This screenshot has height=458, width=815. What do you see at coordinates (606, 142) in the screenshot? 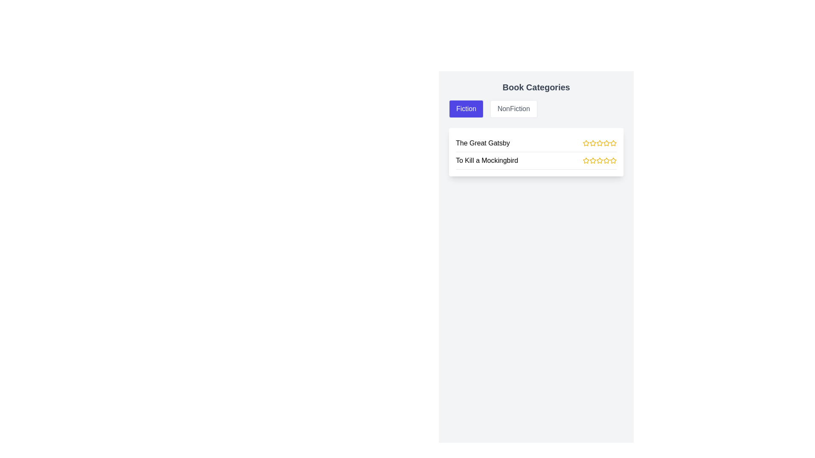
I see `the fifth star icon` at bounding box center [606, 142].